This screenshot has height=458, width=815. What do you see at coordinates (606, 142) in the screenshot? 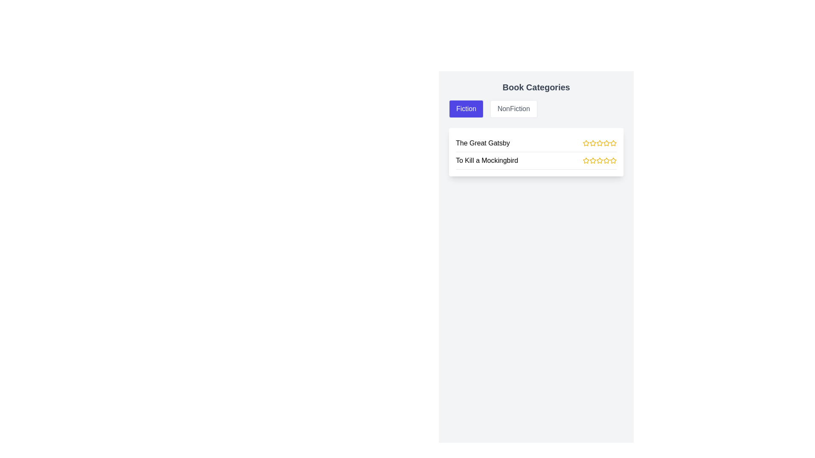
I see `the fifth star icon` at bounding box center [606, 142].